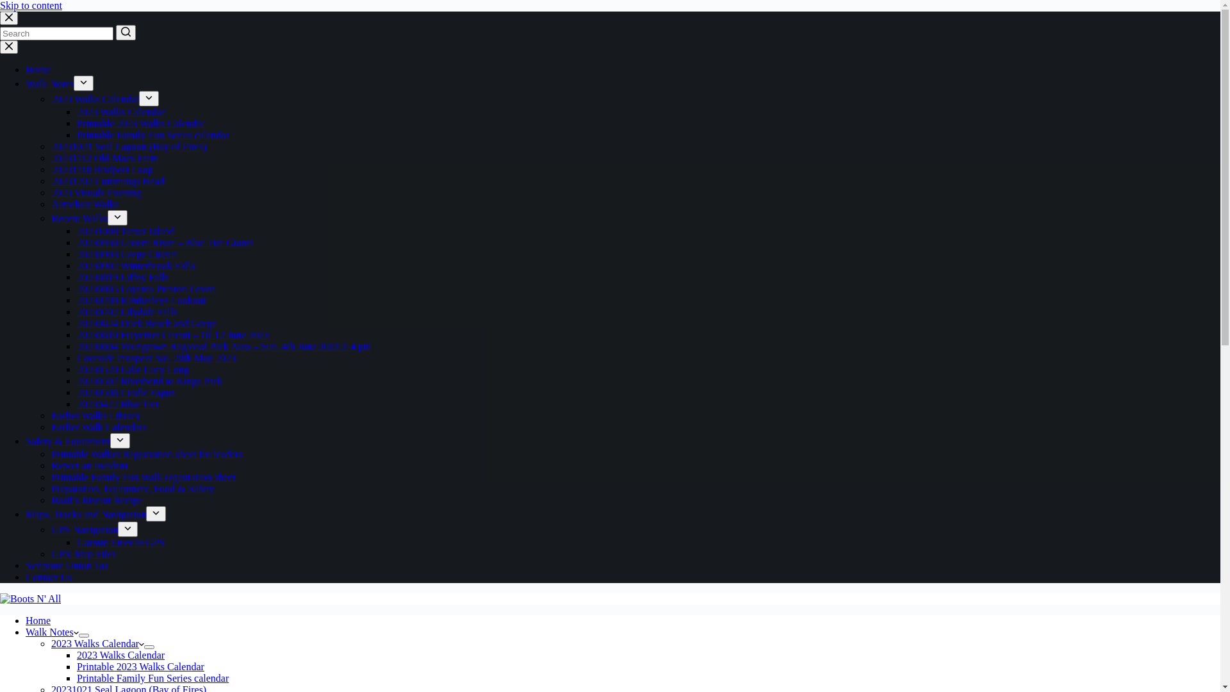 Image resolution: width=1230 pixels, height=692 pixels. I want to click on 'Scripture Union Tas', so click(66, 564).